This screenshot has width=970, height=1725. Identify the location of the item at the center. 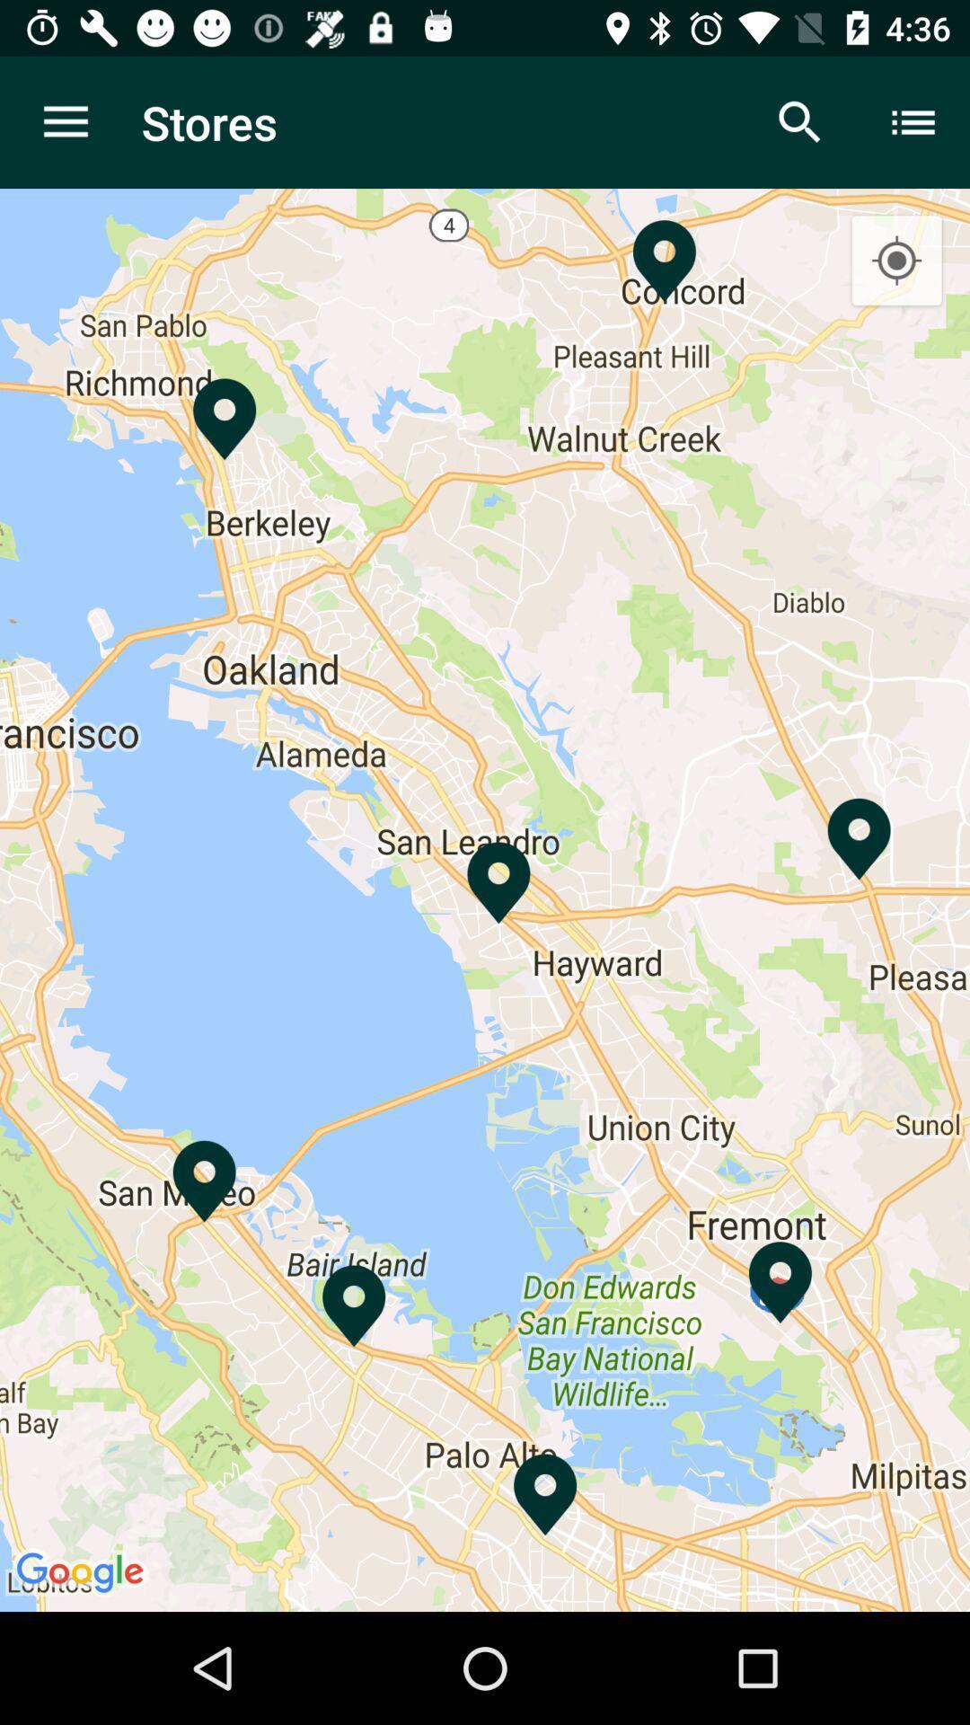
(485, 900).